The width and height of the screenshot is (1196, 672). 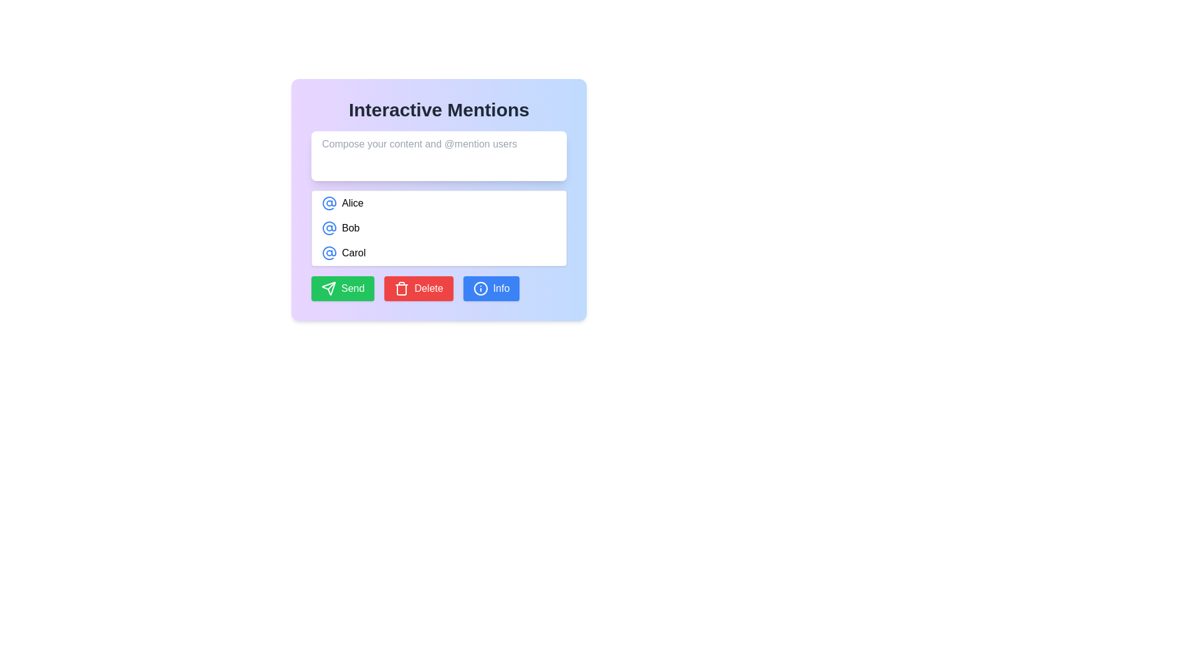 I want to click on the circular blue '@' icon located before the 'Carol' text in the third user mention list item, so click(x=329, y=253).